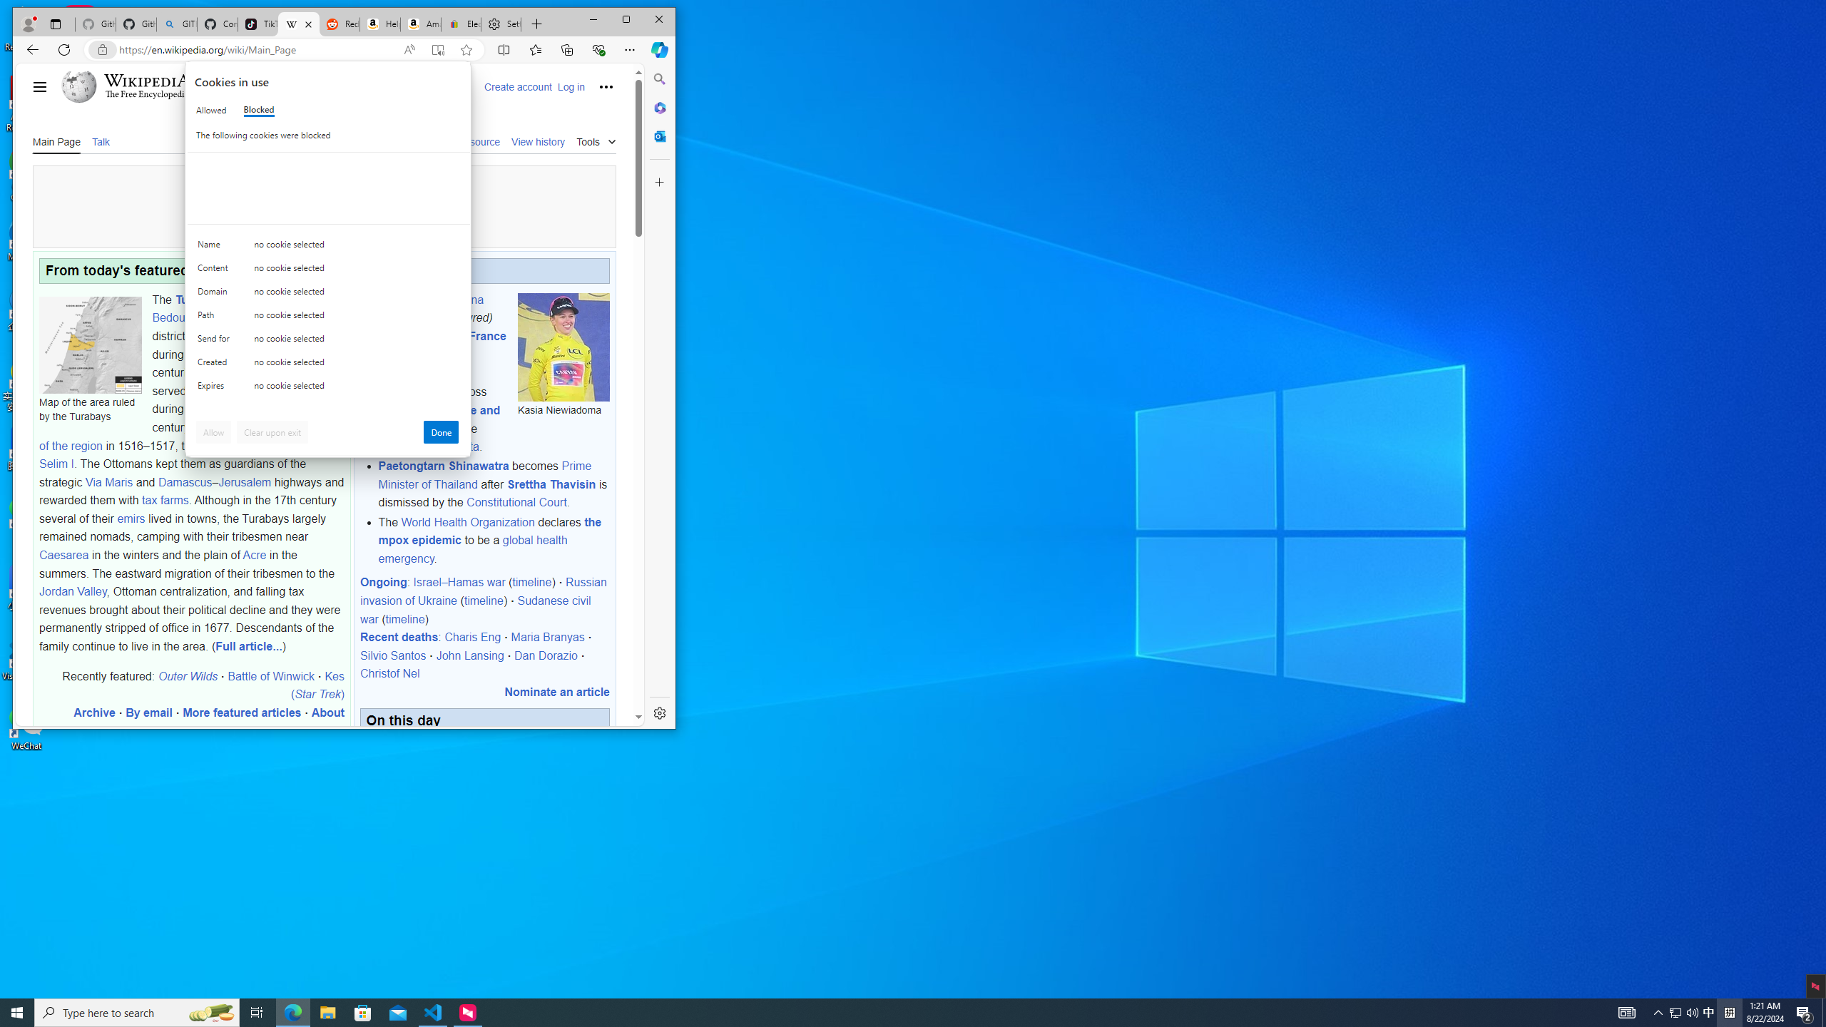 The width and height of the screenshot is (1826, 1027). Describe the element at coordinates (272, 431) in the screenshot. I see `'Clear upon exit'` at that location.